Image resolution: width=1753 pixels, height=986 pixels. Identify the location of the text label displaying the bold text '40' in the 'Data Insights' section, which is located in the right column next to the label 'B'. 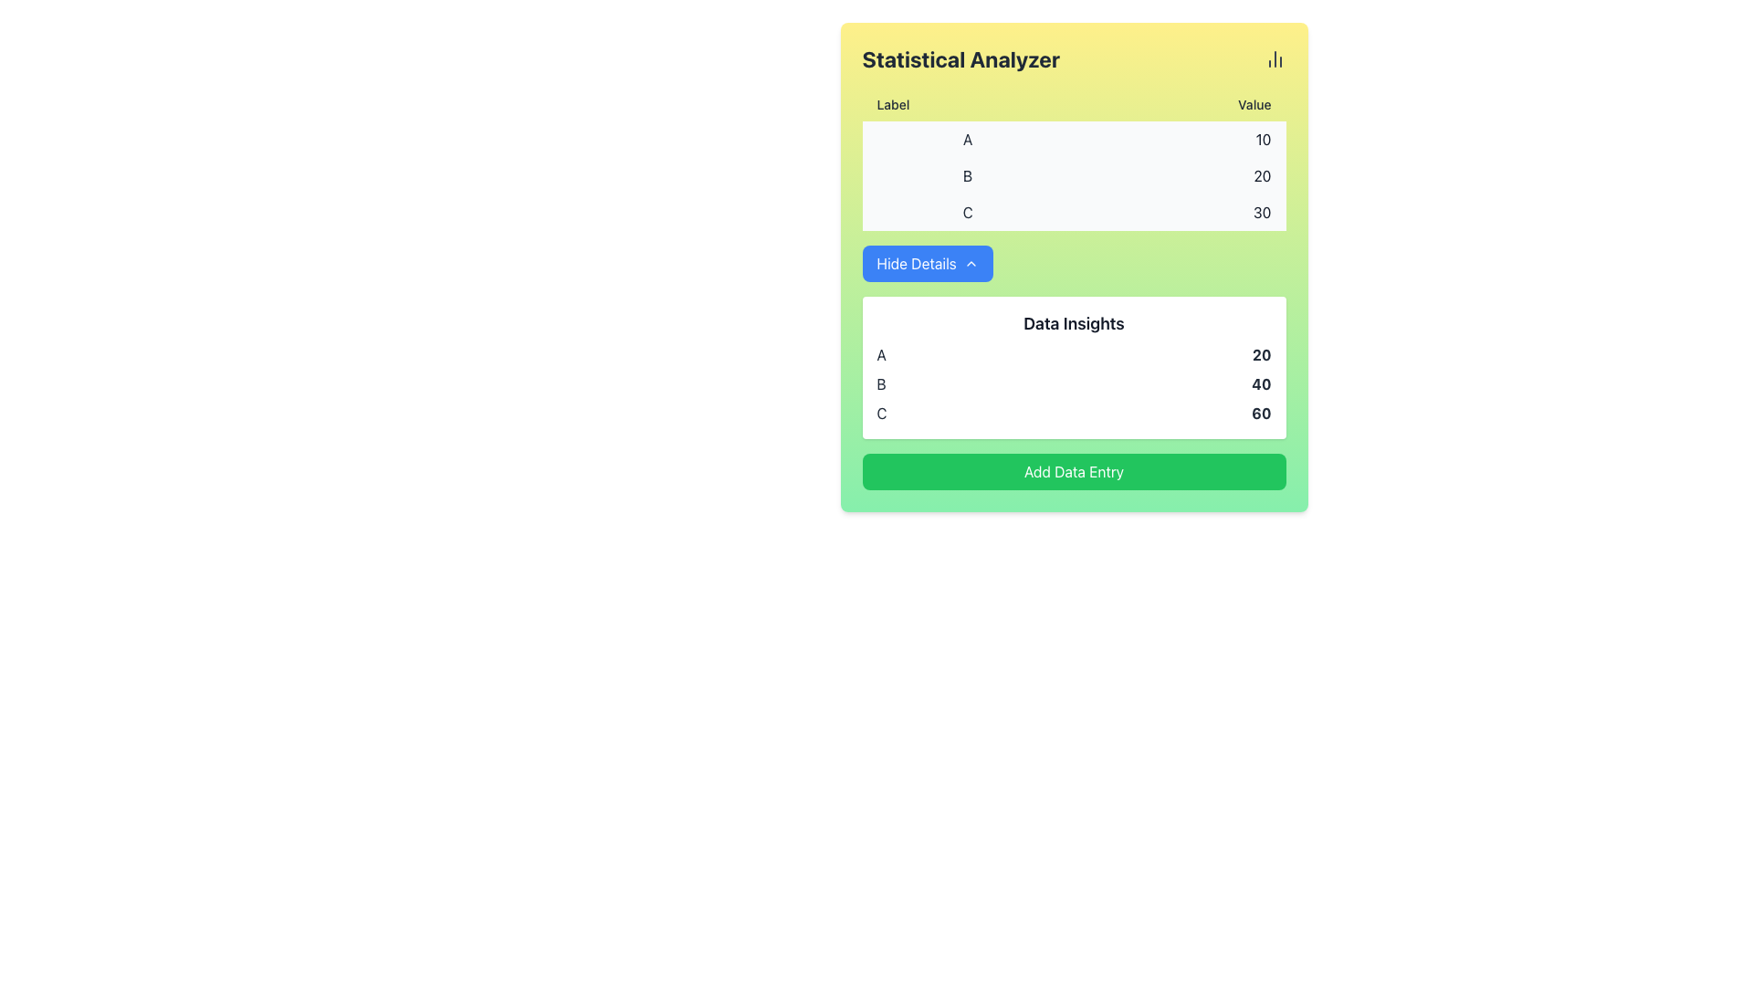
(1260, 383).